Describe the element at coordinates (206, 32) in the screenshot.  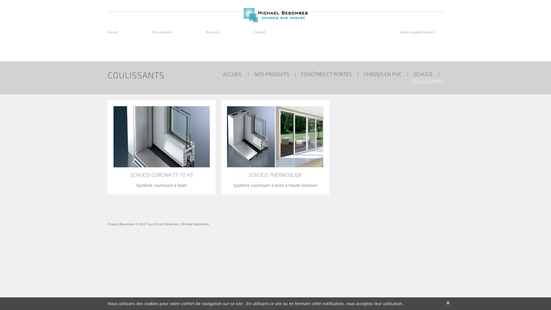
I see `'A propos'` at that location.